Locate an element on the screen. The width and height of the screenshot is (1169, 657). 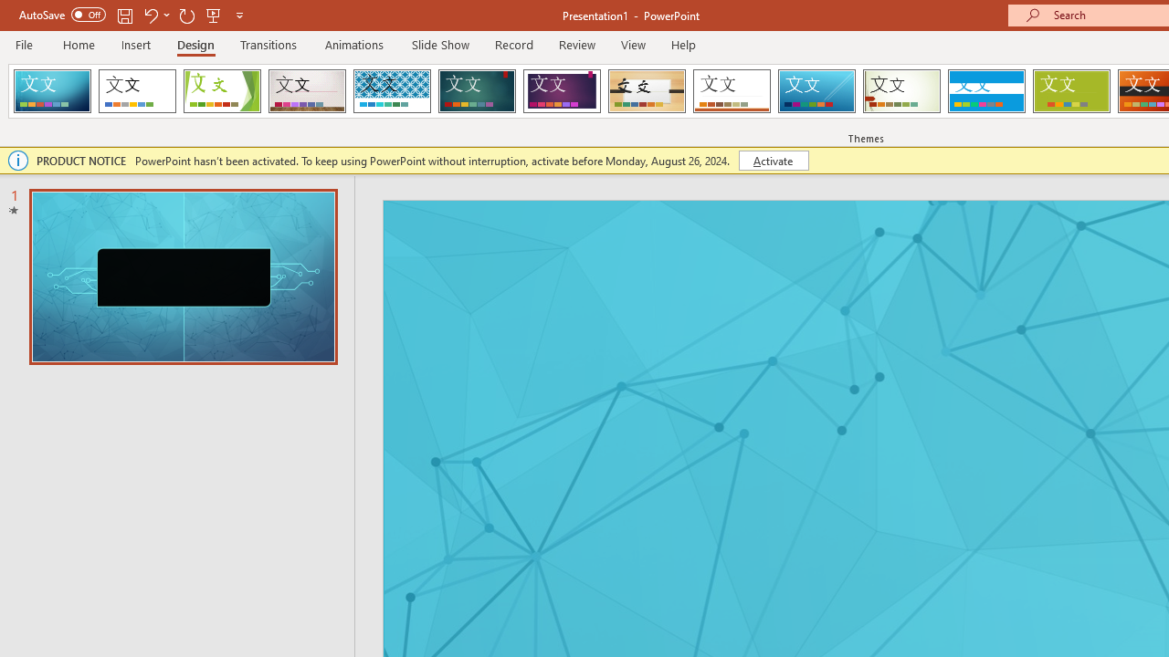
'Retrospect' is located at coordinates (732, 91).